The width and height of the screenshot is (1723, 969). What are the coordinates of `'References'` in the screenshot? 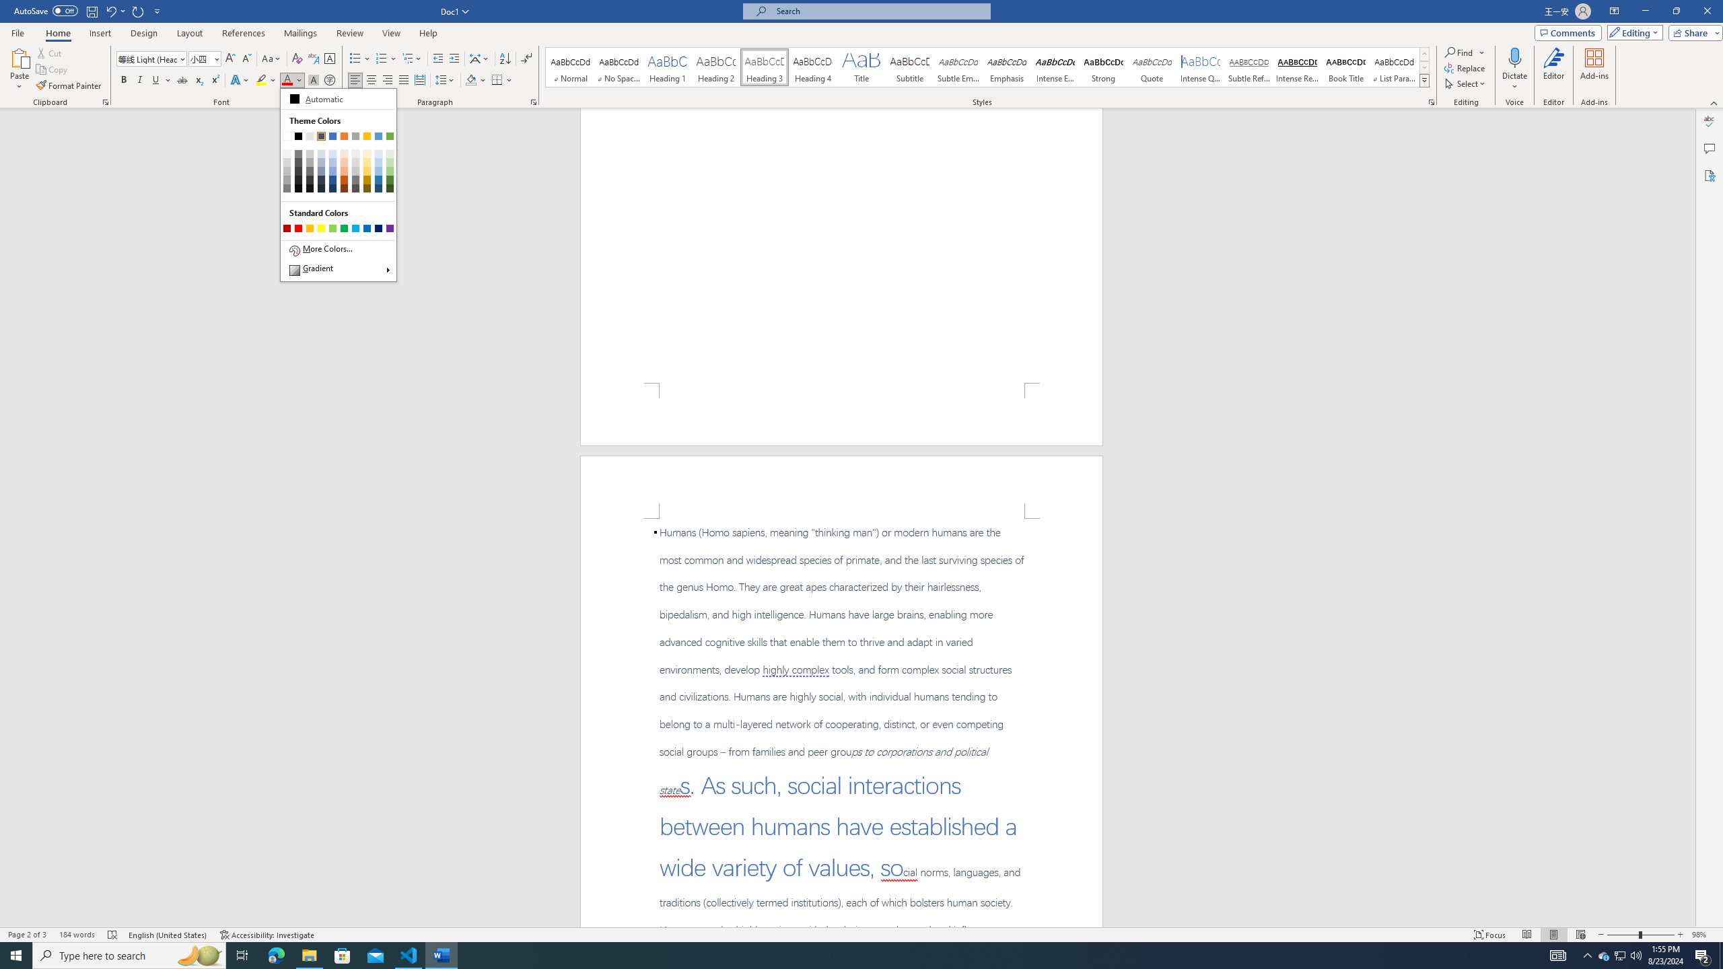 It's located at (244, 33).